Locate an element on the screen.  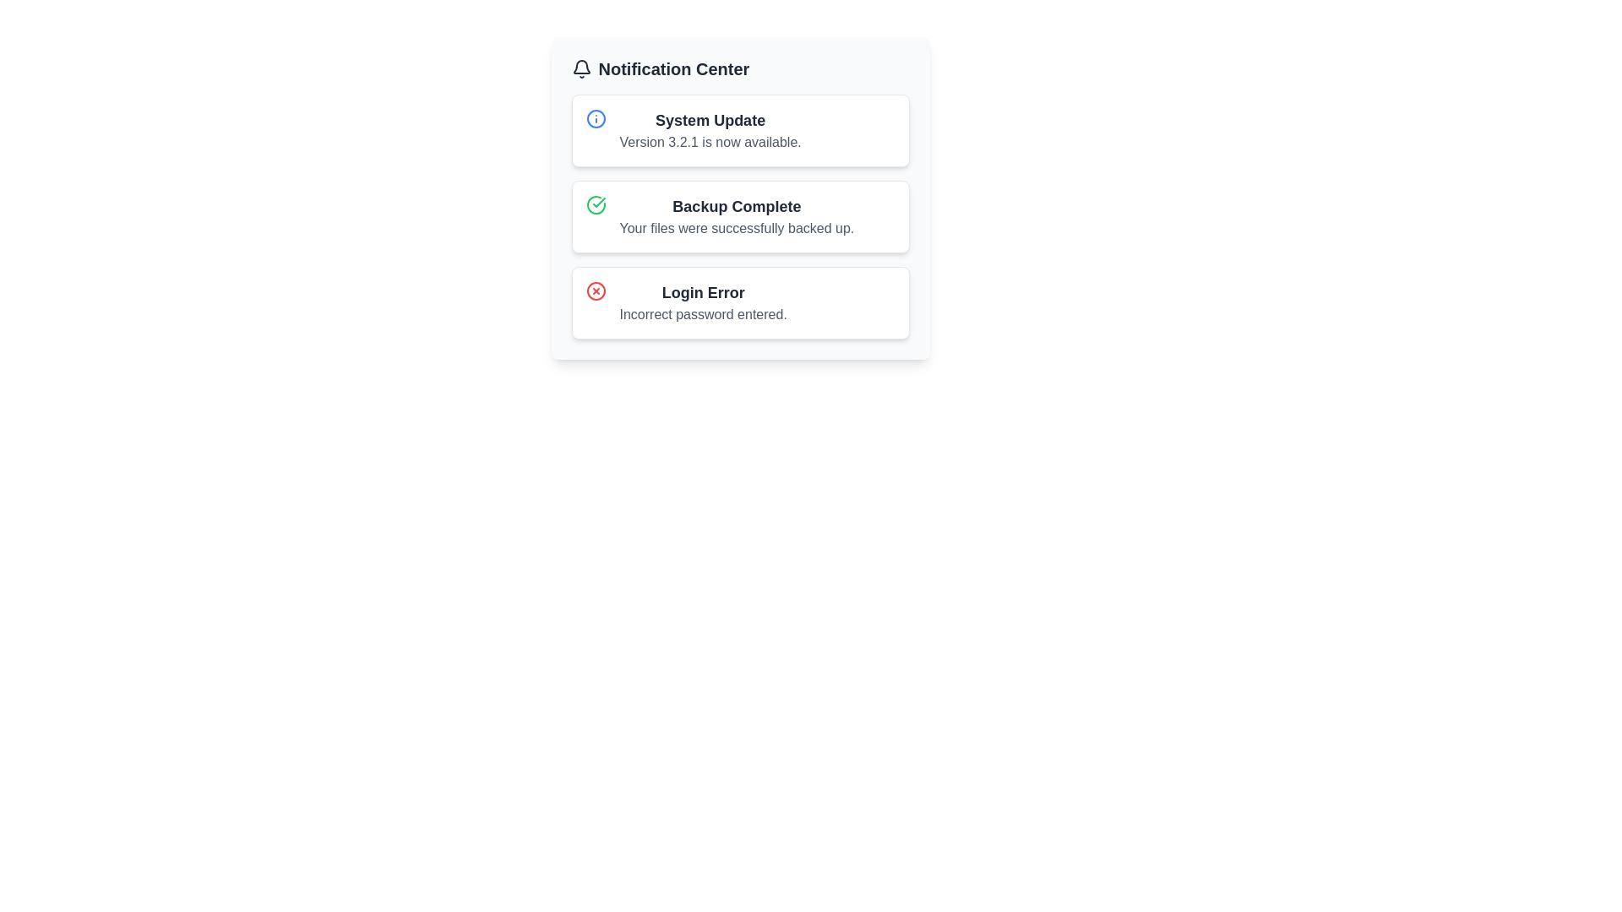
the 'System Update' text label, which is prominently displayed in bold at the top of the notification block in the Notification Center is located at coordinates (710, 119).